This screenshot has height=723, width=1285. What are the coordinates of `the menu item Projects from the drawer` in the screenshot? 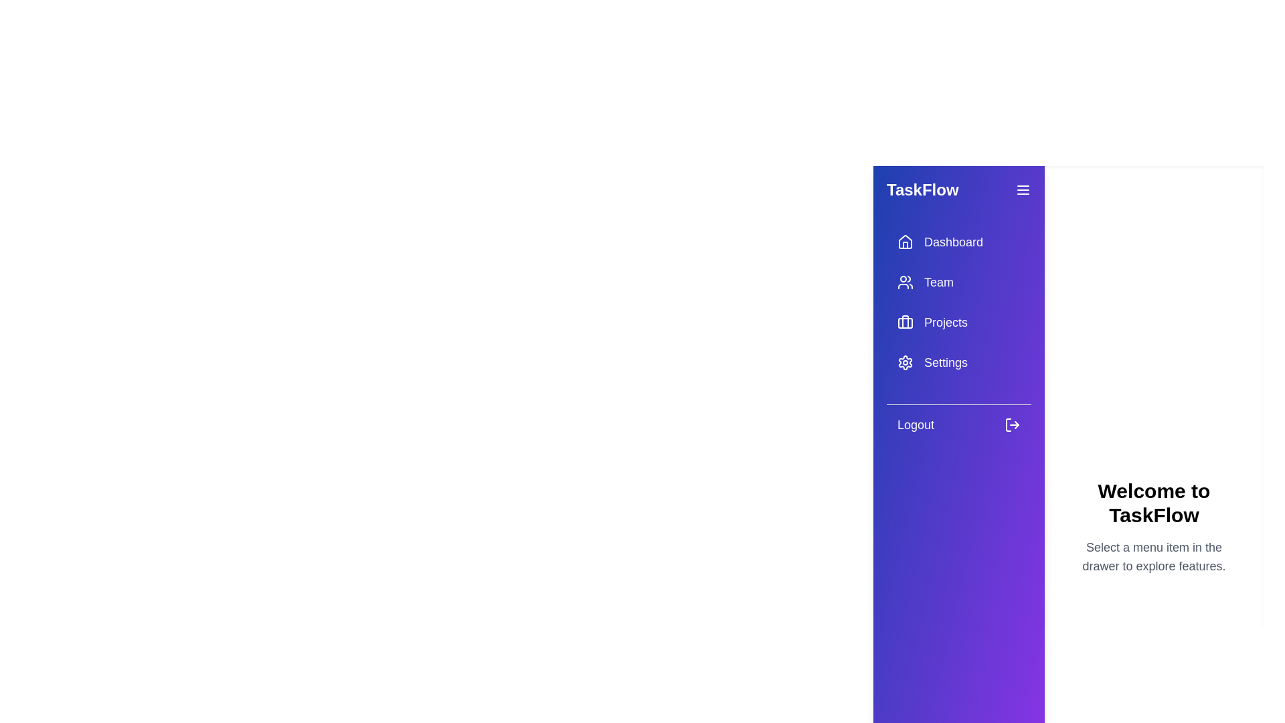 It's located at (958, 323).